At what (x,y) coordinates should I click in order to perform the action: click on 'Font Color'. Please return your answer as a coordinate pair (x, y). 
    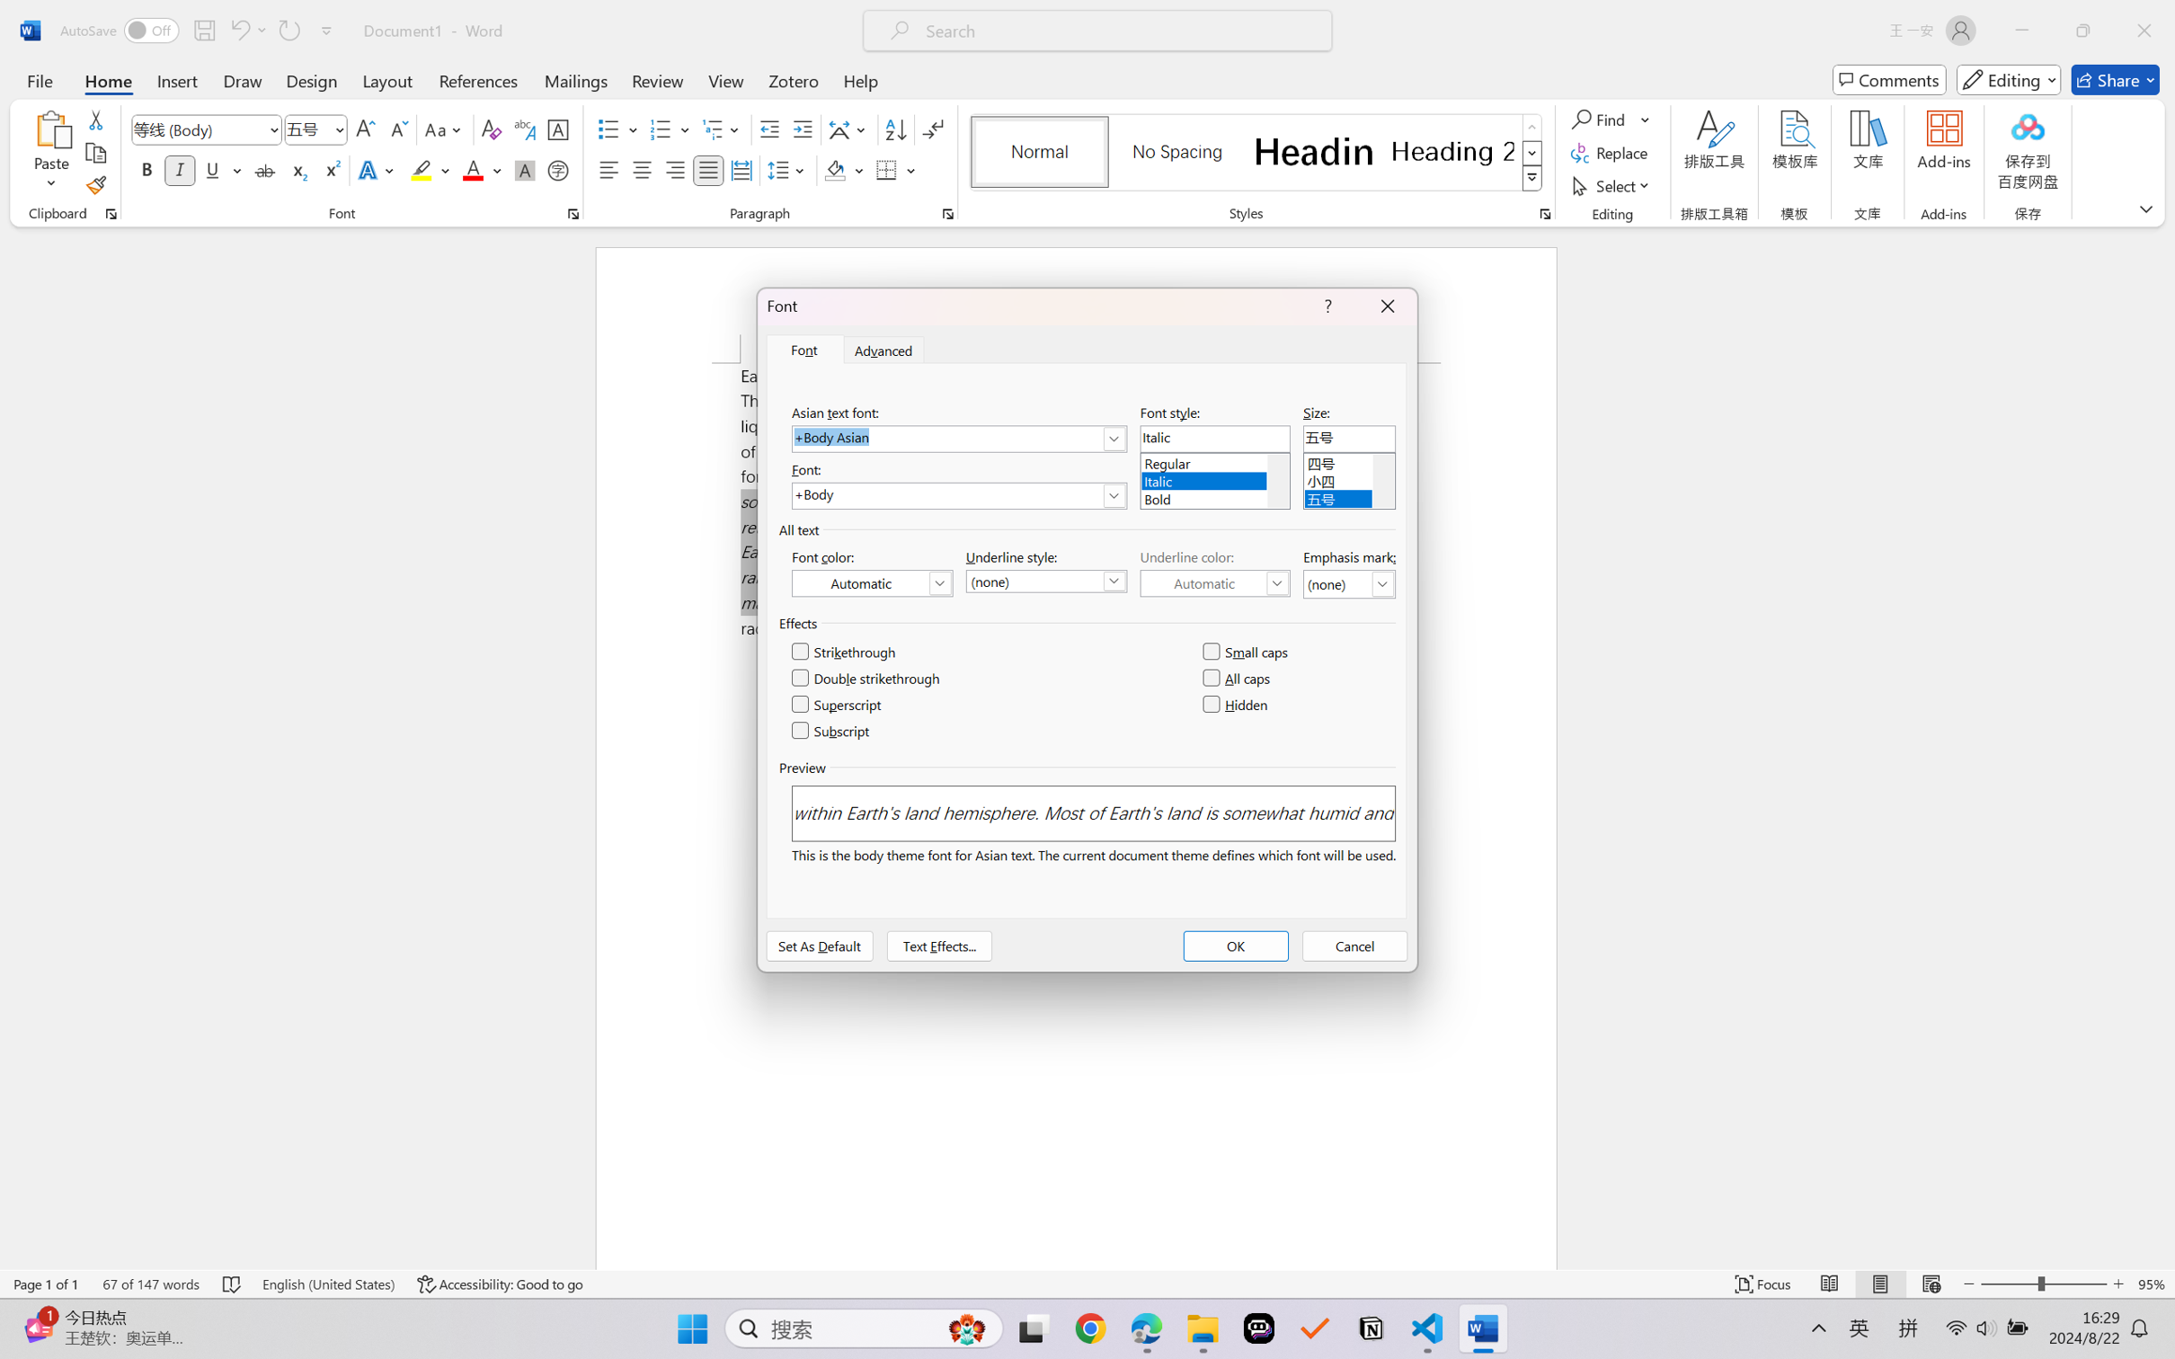
    Looking at the image, I should click on (482, 169).